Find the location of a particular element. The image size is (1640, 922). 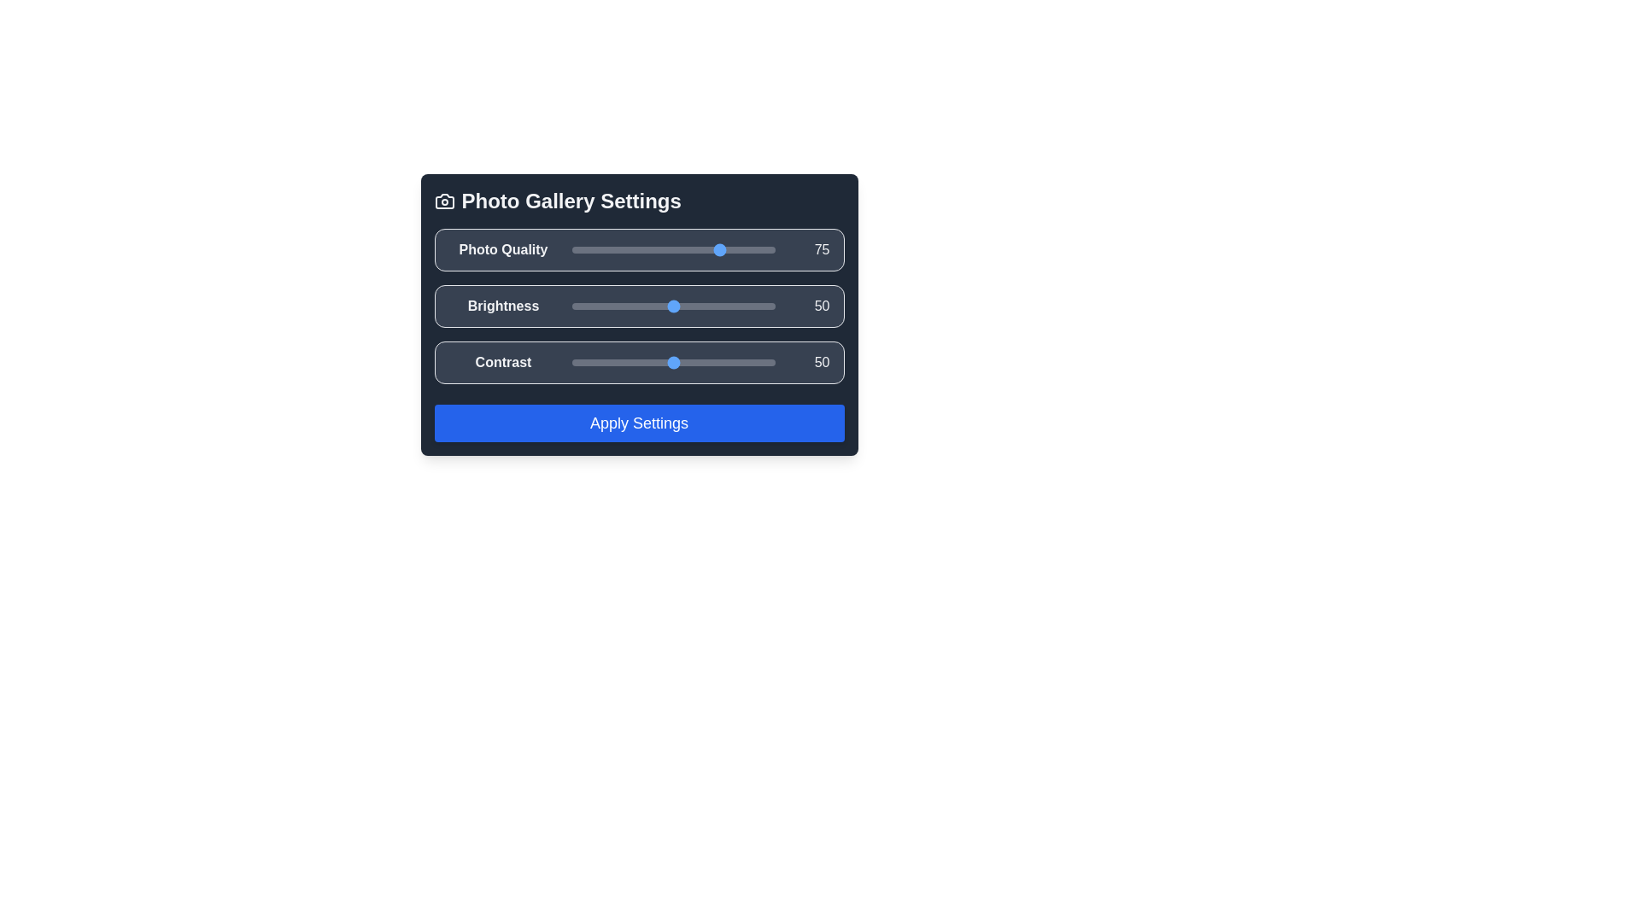

the brightness level is located at coordinates (750, 305).